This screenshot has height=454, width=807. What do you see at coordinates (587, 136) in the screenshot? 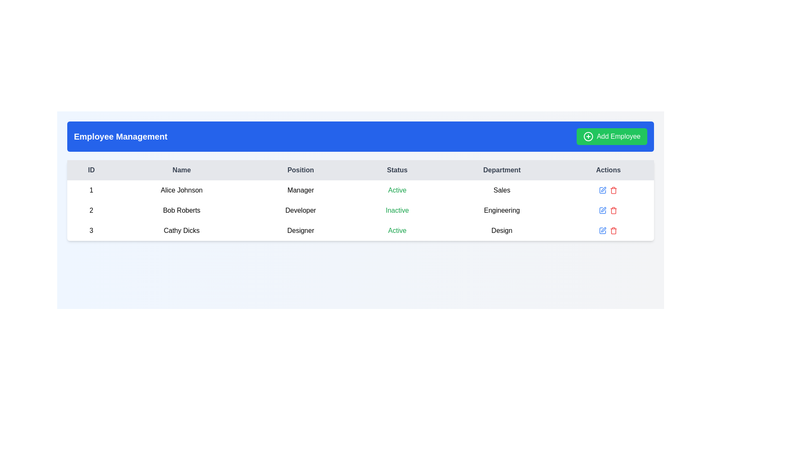
I see `the circular green icon with a white plus sign located at the left side of the 'Add Employee' button in the top-right corner of the layout` at bounding box center [587, 136].